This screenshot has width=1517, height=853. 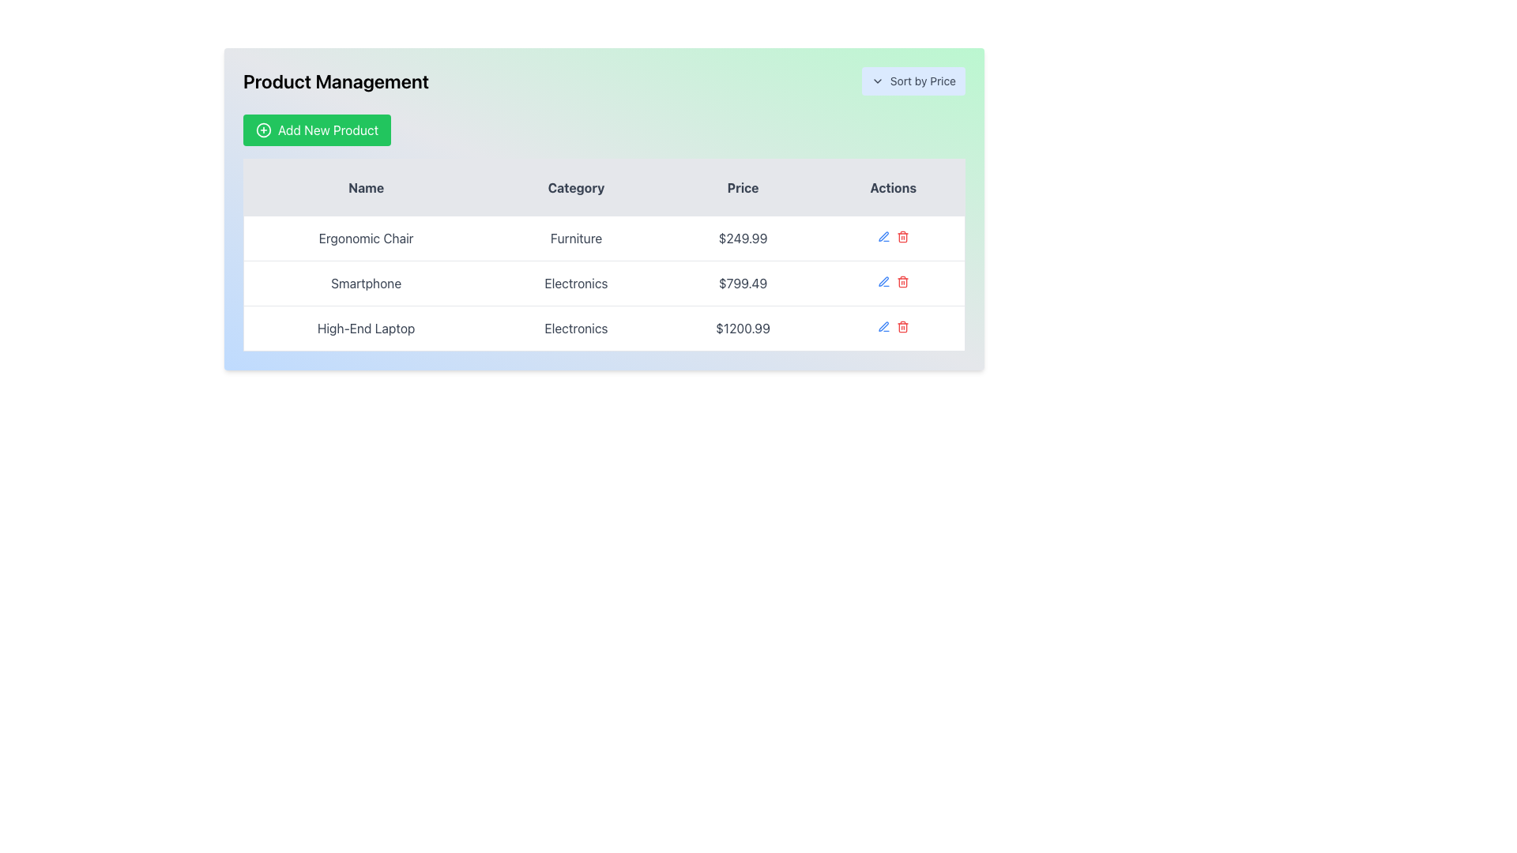 I want to click on the delete button located in the Action column of the last row of the product information table, so click(x=902, y=325).